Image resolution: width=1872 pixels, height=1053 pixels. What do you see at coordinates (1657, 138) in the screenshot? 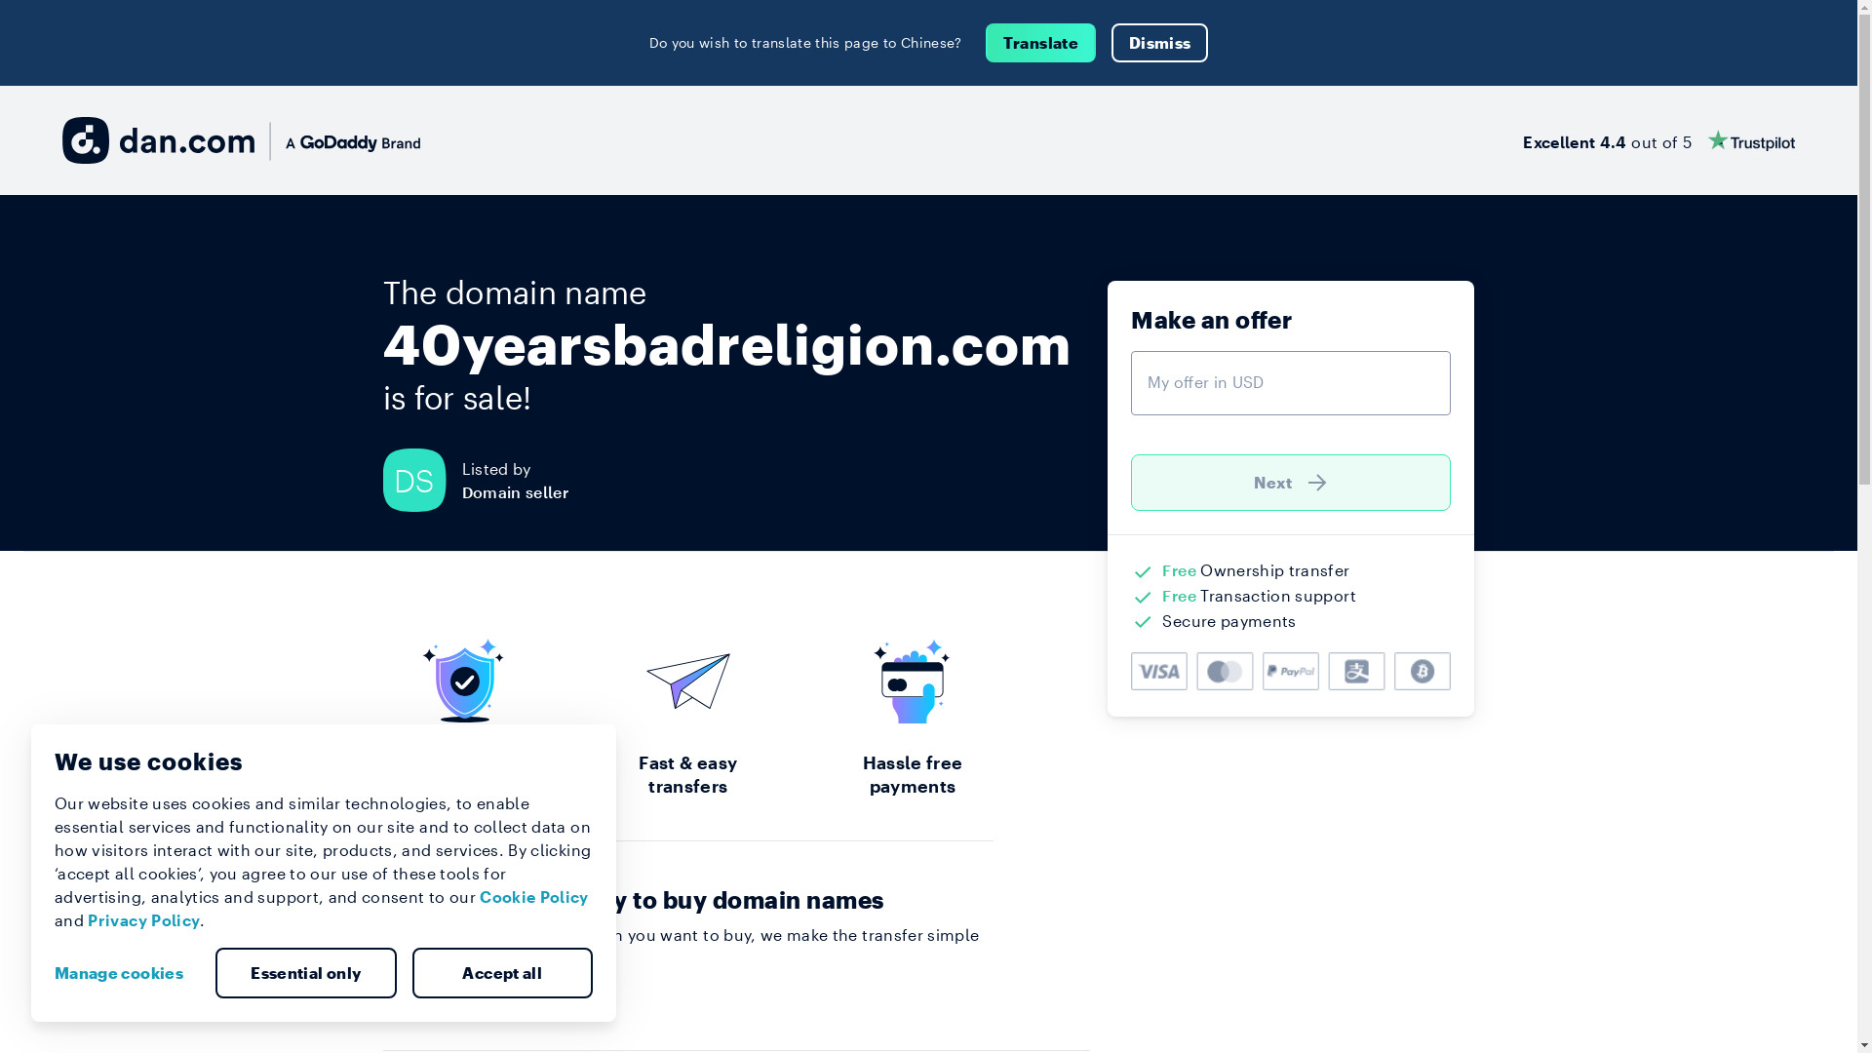
I see `'Excellent 4.4 out of 5'` at bounding box center [1657, 138].